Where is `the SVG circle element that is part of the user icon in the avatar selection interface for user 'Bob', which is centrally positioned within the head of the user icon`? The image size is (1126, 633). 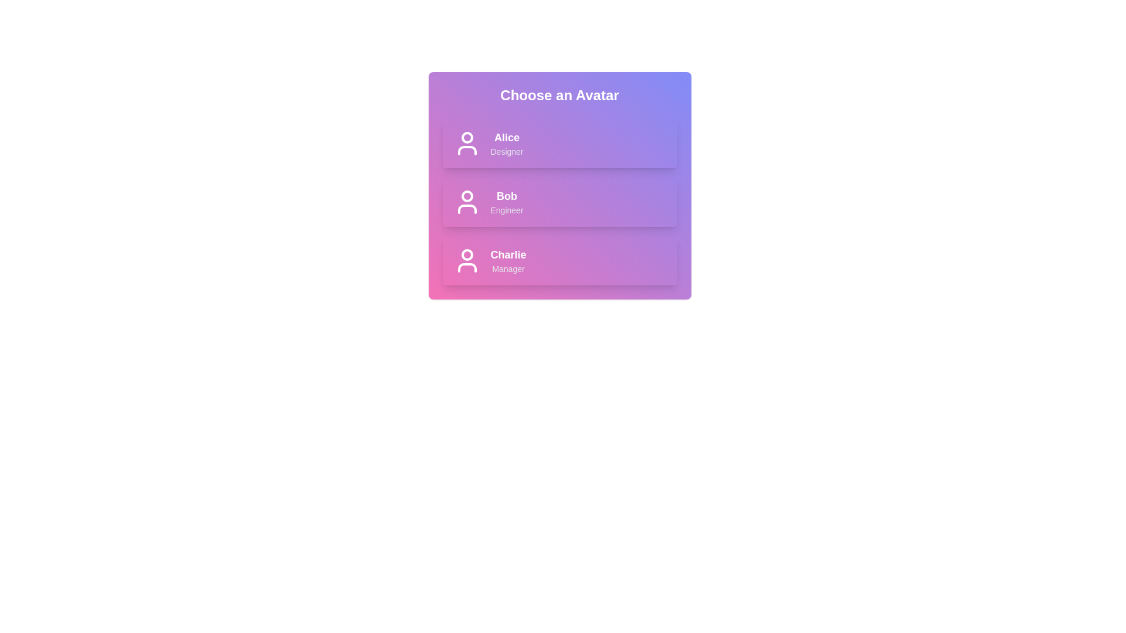 the SVG circle element that is part of the user icon in the avatar selection interface for user 'Bob', which is centrally positioned within the head of the user icon is located at coordinates (466, 196).